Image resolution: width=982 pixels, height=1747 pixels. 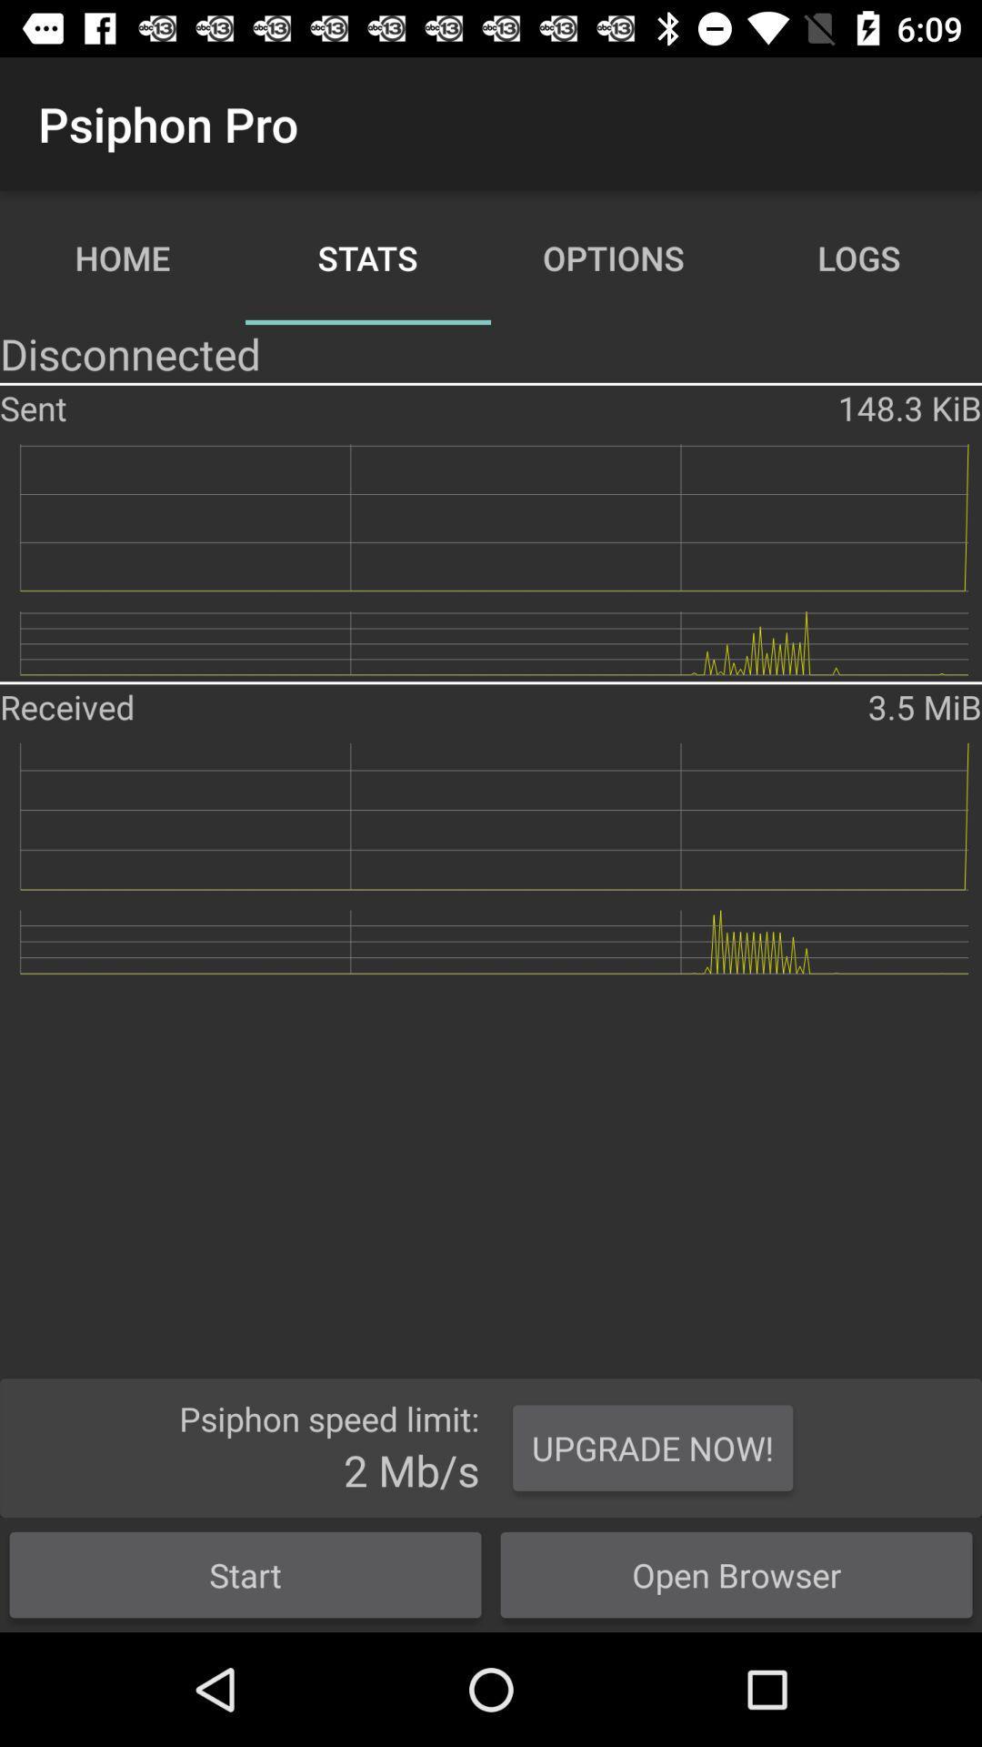 What do you see at coordinates (736, 1574) in the screenshot?
I see `the open browser` at bounding box center [736, 1574].